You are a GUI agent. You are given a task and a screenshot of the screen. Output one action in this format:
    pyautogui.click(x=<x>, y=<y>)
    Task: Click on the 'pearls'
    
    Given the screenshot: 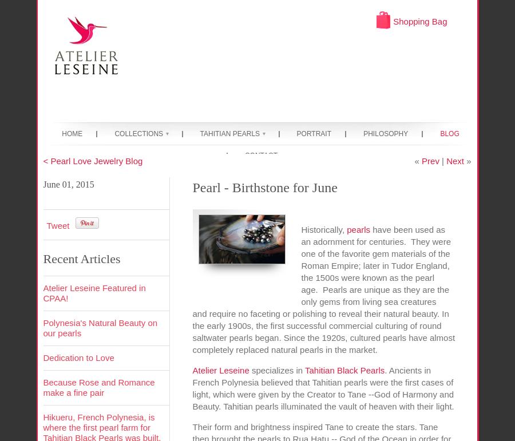 What is the action you would take?
    pyautogui.click(x=344, y=229)
    